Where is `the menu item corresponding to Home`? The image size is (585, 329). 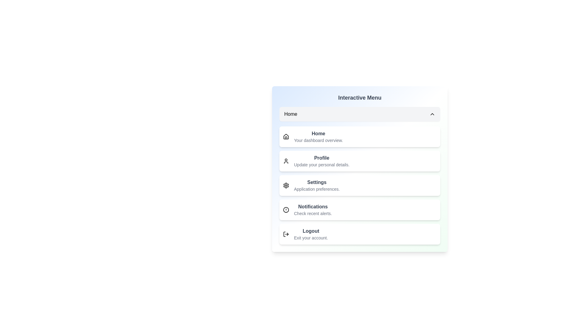
the menu item corresponding to Home is located at coordinates (360, 114).